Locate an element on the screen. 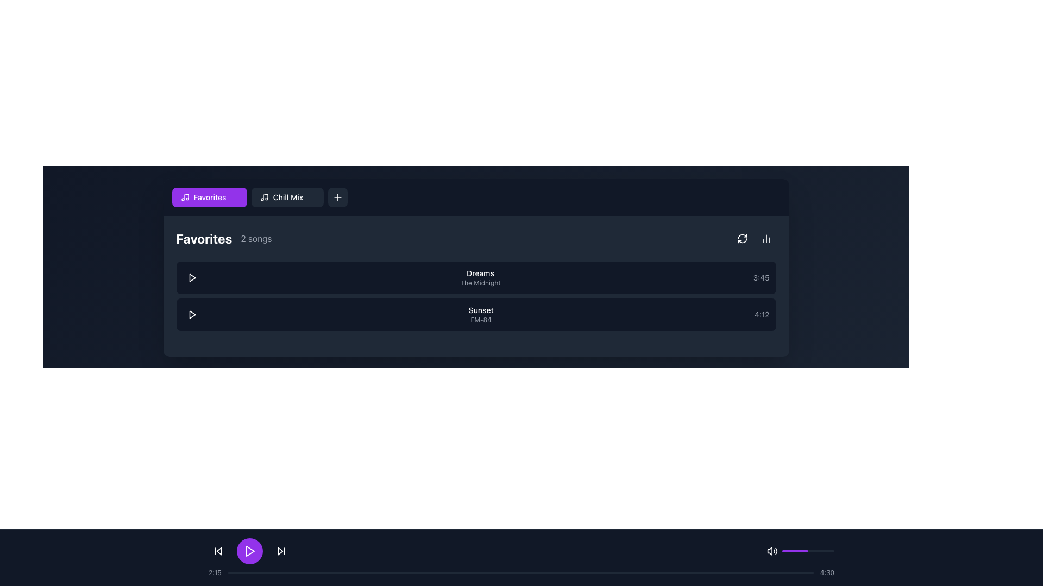  the leftmost button in the playback control section to skip backward to the previous track or restart the current track is located at coordinates (218, 551).